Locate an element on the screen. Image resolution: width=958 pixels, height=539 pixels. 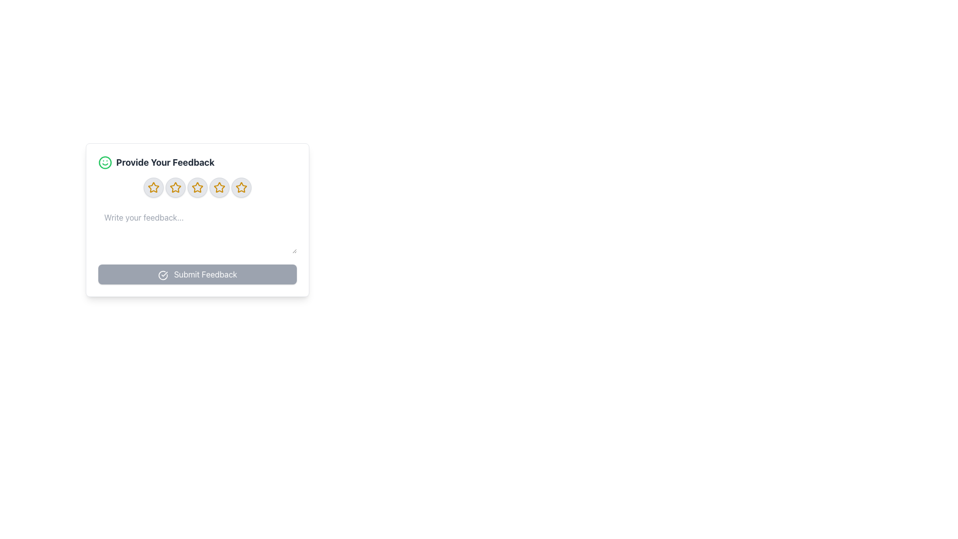
the third star-shaped rating button, which is a yellow star inside a gray circular button is located at coordinates (197, 187).